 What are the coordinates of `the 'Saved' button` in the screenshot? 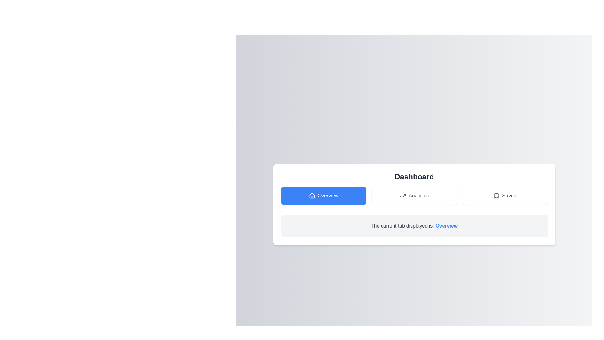 It's located at (505, 195).